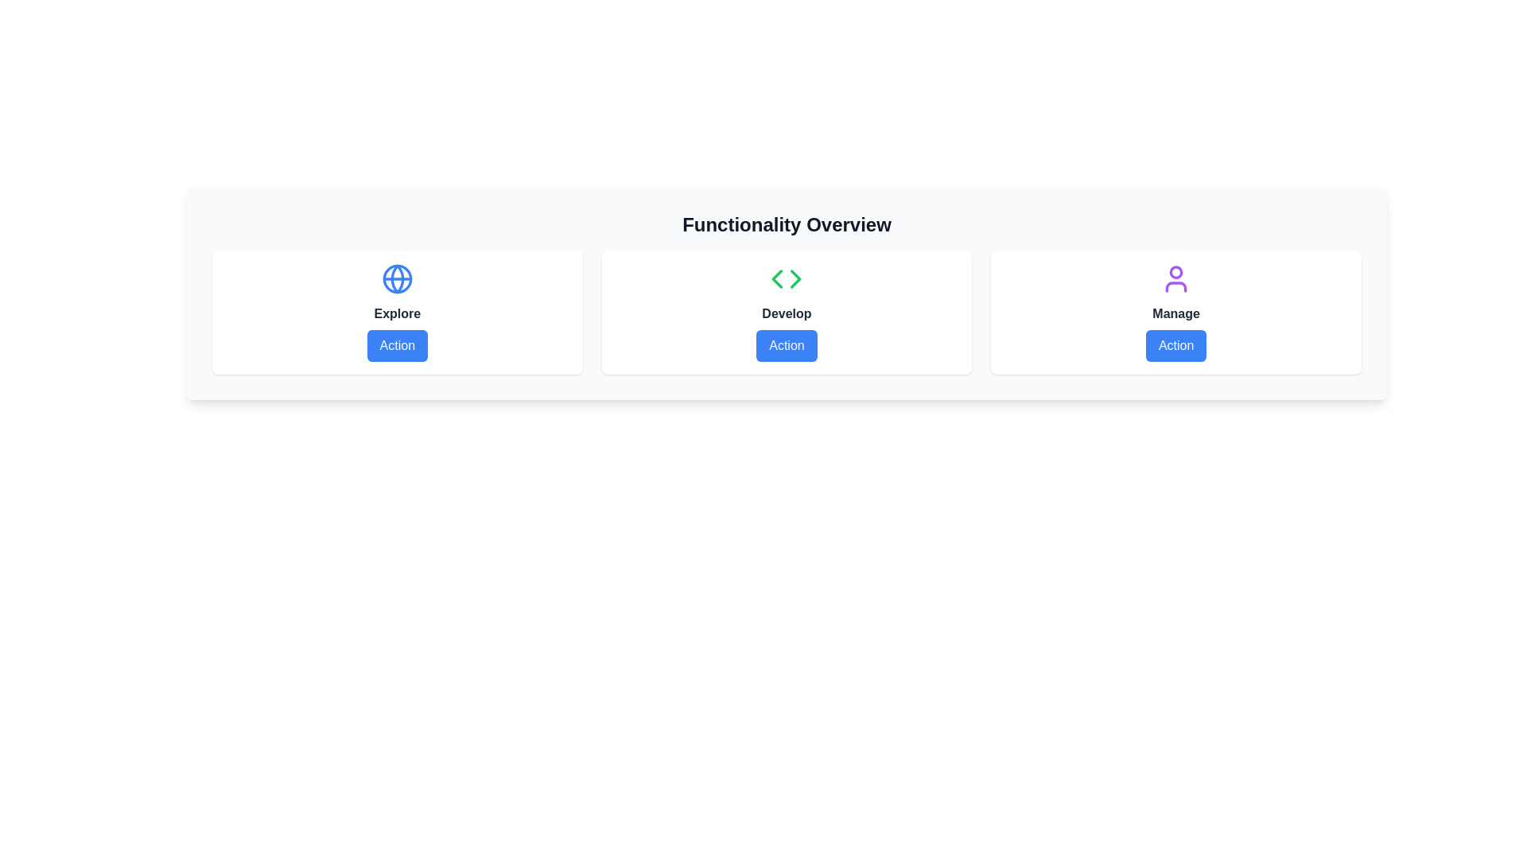  I want to click on the purple user icon with a thin outline and rounded features located at the top of the 'Manage' card, which is the third card in a set of three horizontally aligned cards, so click(1176, 278).